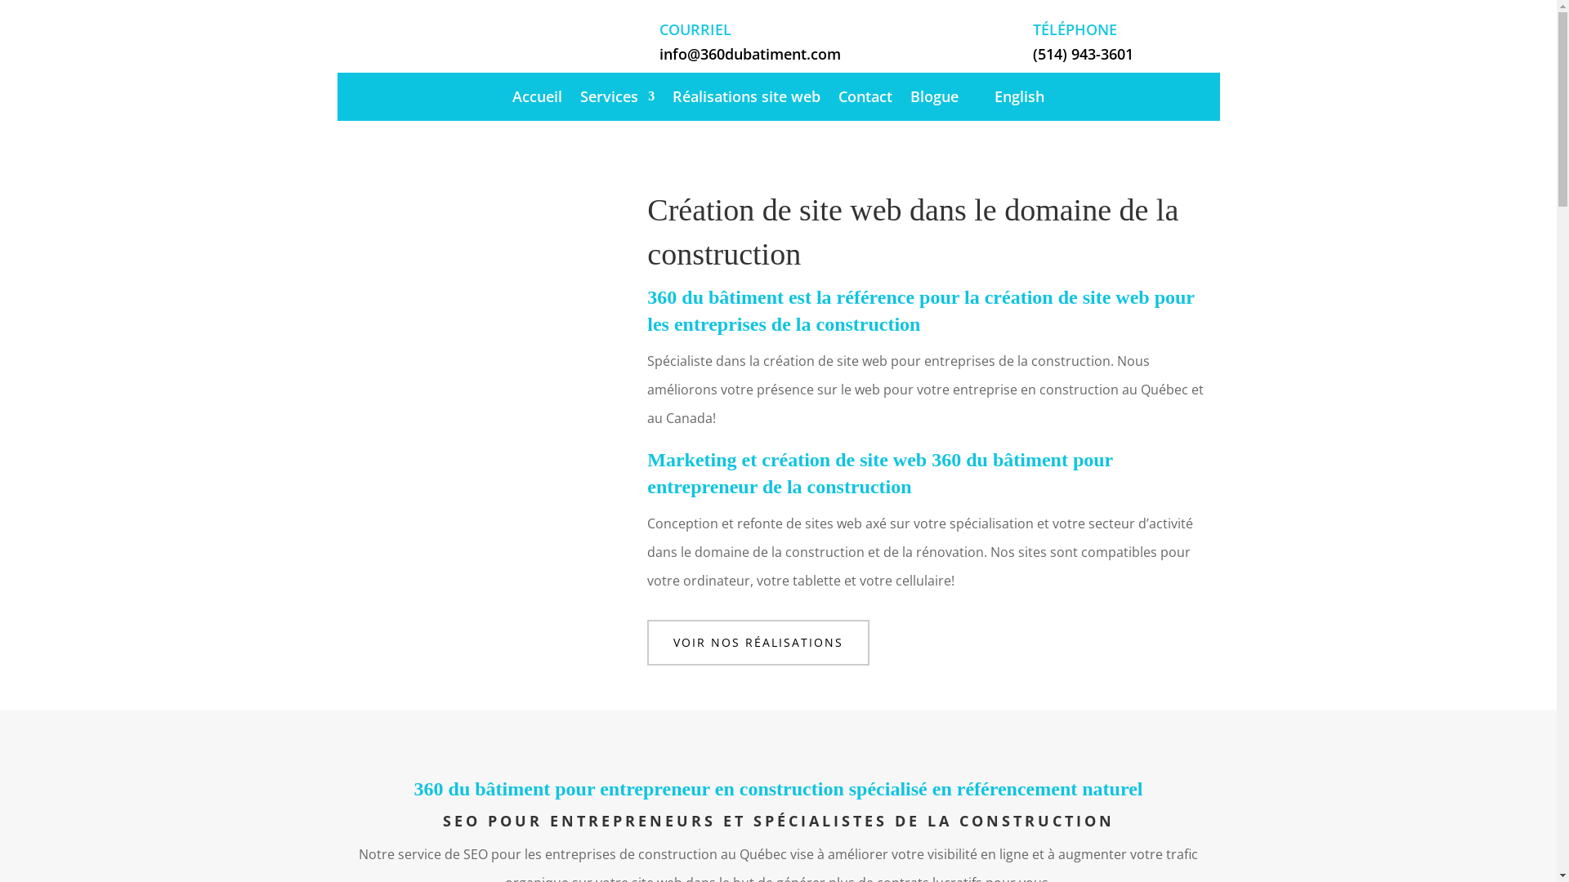 Image resolution: width=1569 pixels, height=882 pixels. What do you see at coordinates (616, 100) in the screenshot?
I see `'Services'` at bounding box center [616, 100].